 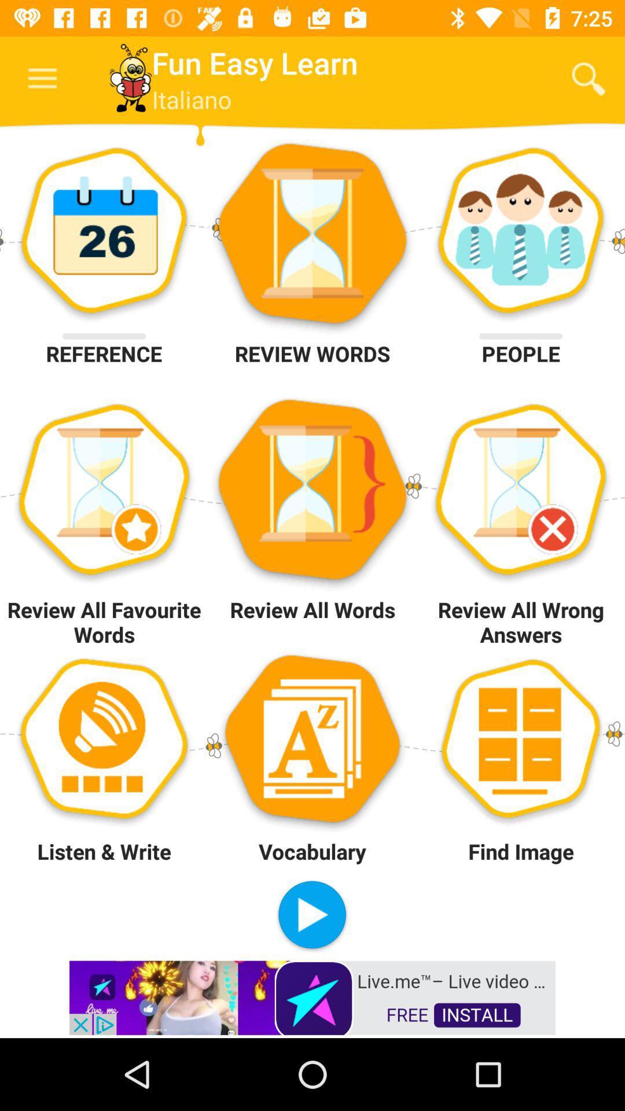 I want to click on instal app, so click(x=312, y=996).